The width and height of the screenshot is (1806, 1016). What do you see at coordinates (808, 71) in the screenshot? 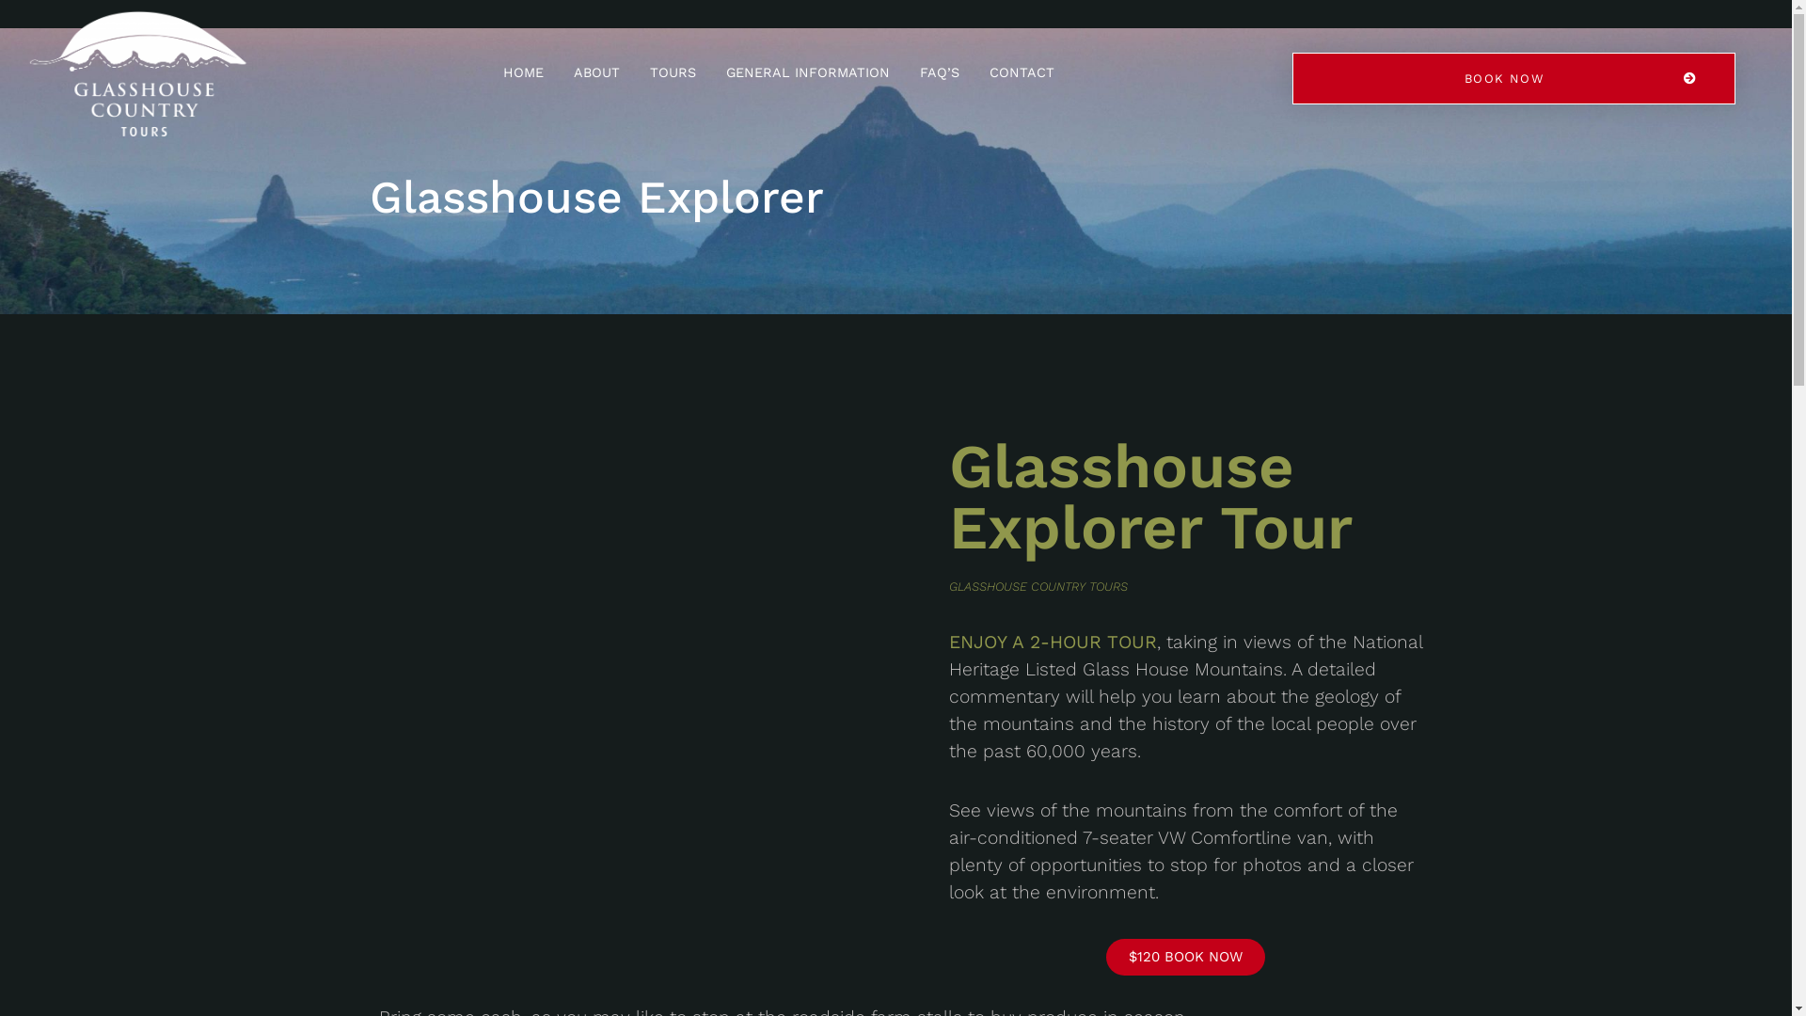
I see `'GENERAL INFORMATION'` at bounding box center [808, 71].